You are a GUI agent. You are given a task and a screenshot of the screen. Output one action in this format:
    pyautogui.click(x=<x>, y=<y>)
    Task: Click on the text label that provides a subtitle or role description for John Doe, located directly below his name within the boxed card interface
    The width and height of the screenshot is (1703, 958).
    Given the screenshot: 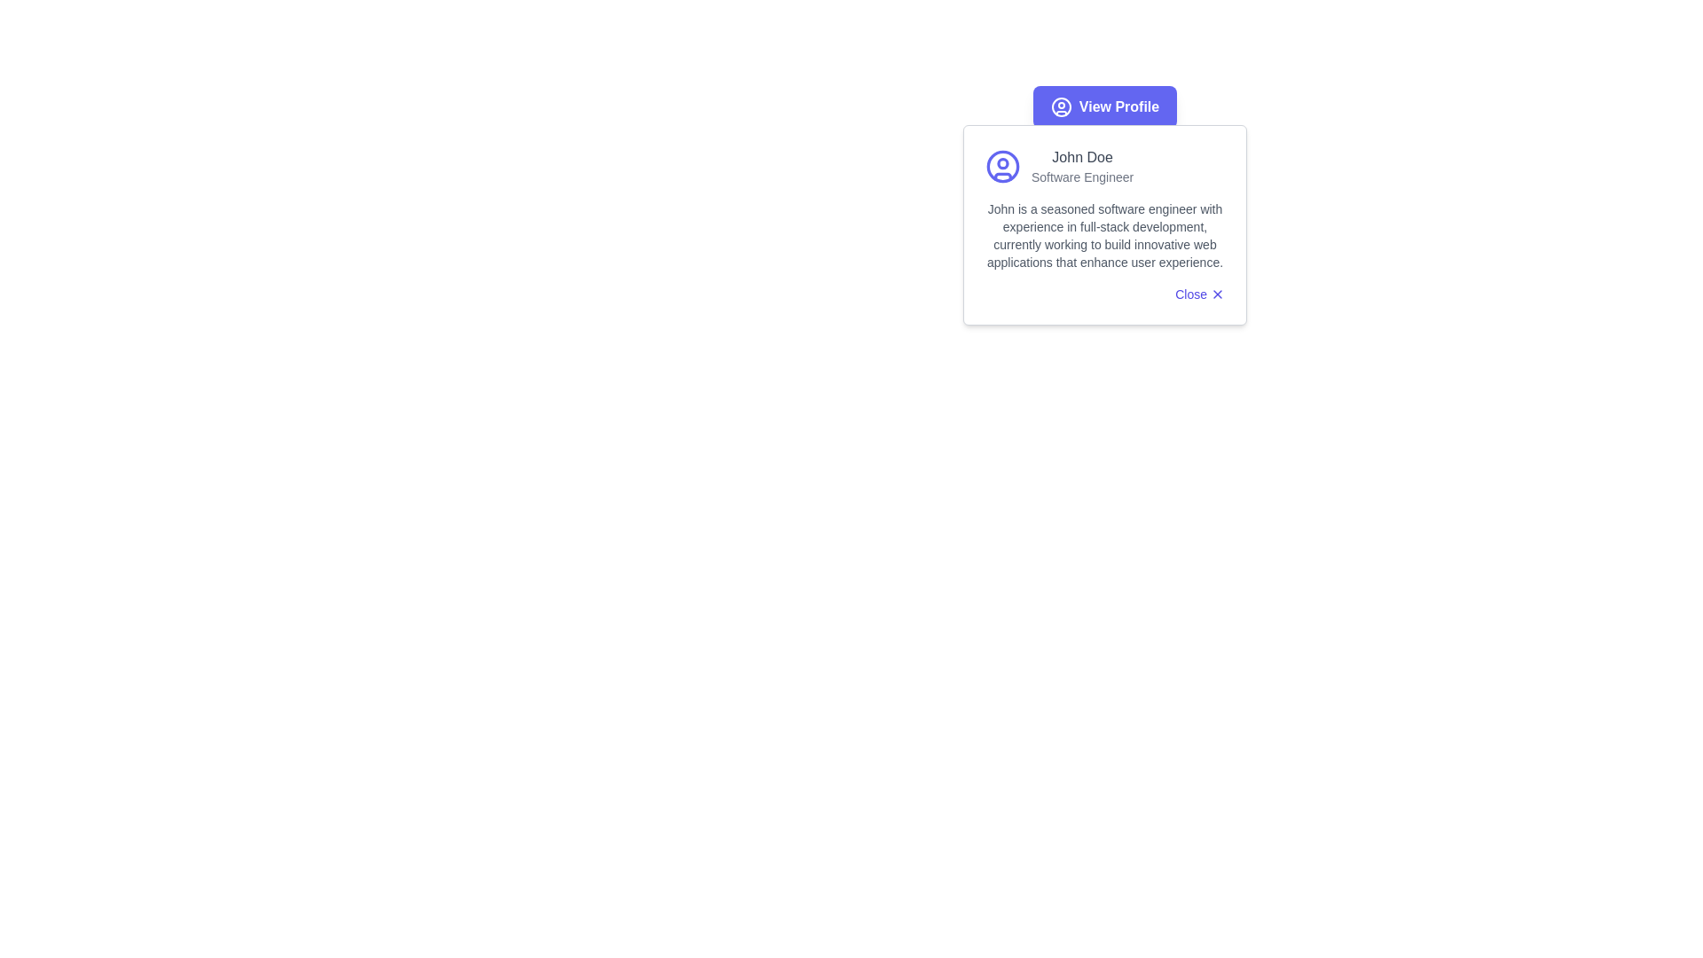 What is the action you would take?
    pyautogui.click(x=1081, y=177)
    